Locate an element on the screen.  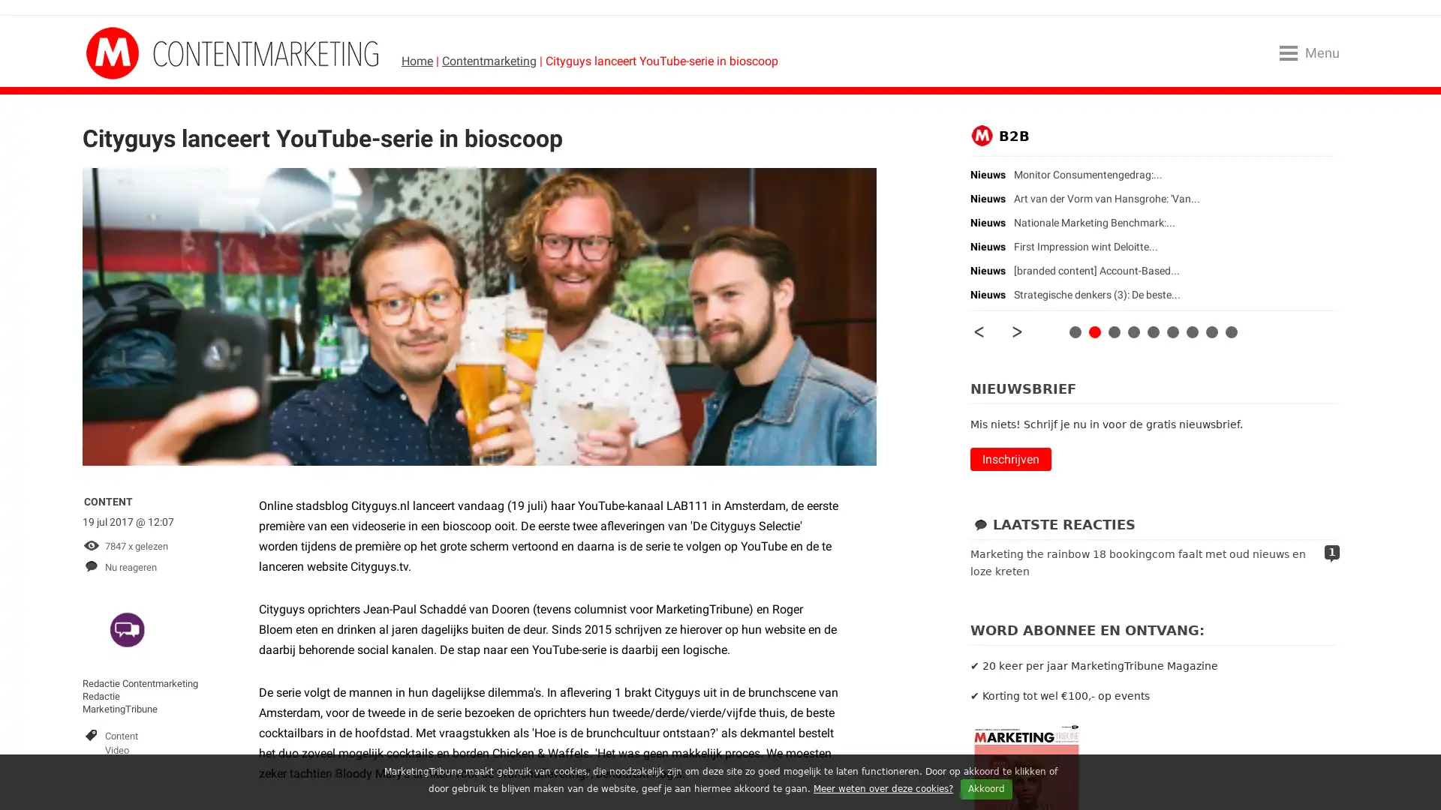
Close is located at coordinates (1425, 520).